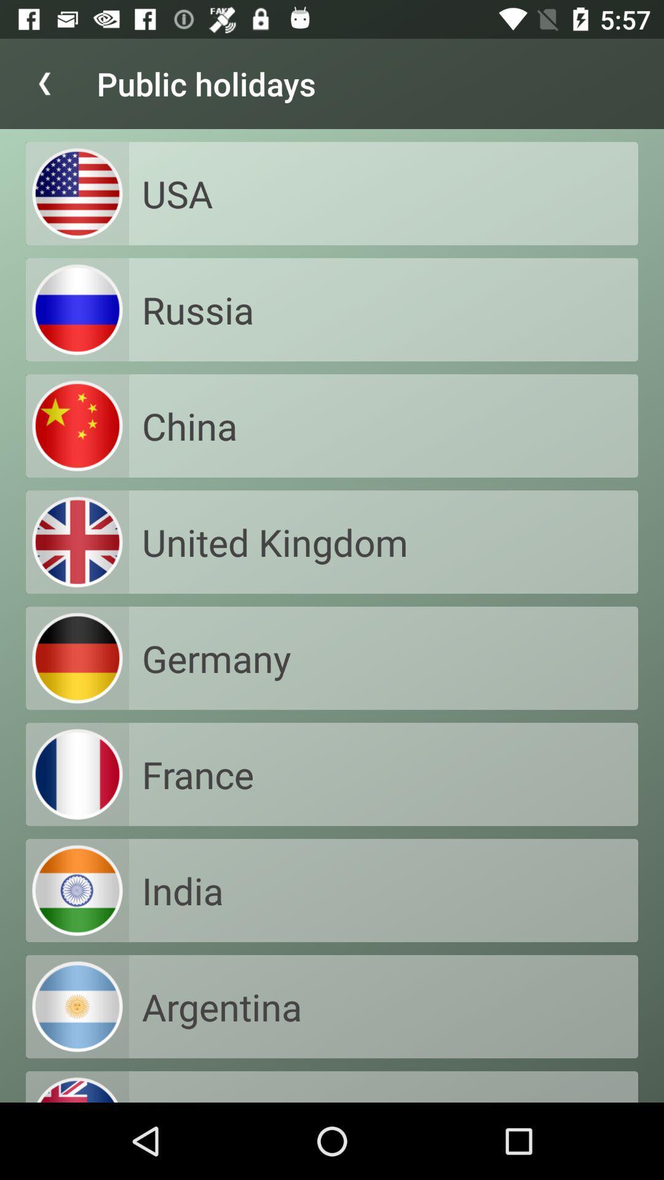 This screenshot has height=1180, width=664. Describe the element at coordinates (77, 310) in the screenshot. I see `icon beside russia` at that location.